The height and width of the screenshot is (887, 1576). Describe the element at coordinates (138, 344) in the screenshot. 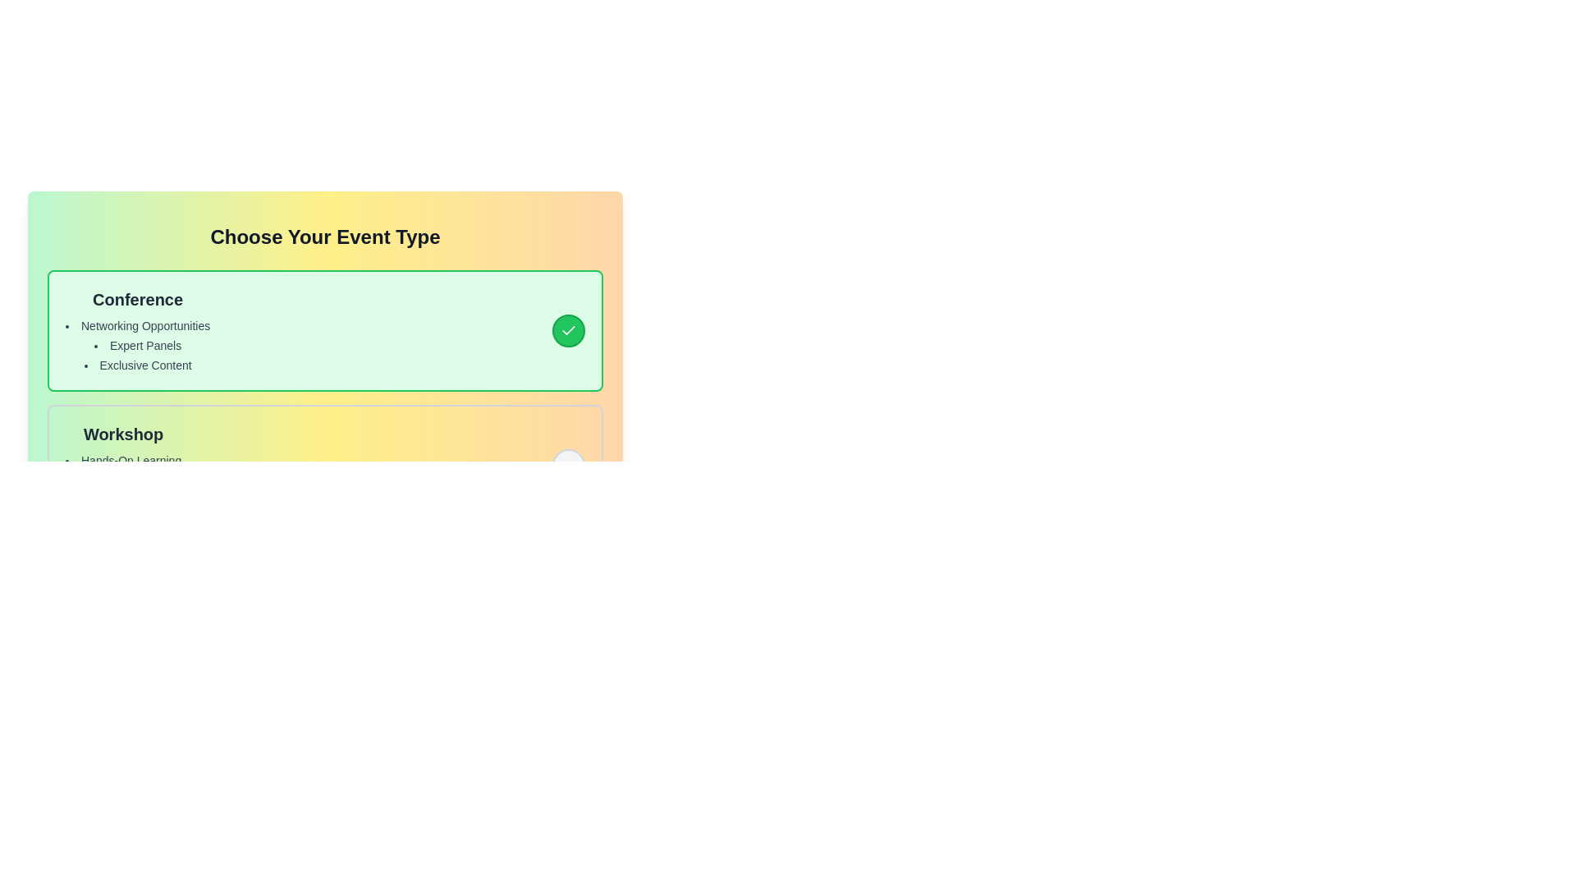

I see `items in the vertical bulleted list under the 'Conference' section, which includes 'Networking Opportunities', 'Expert Panels', and 'Exclusive Content'` at that location.